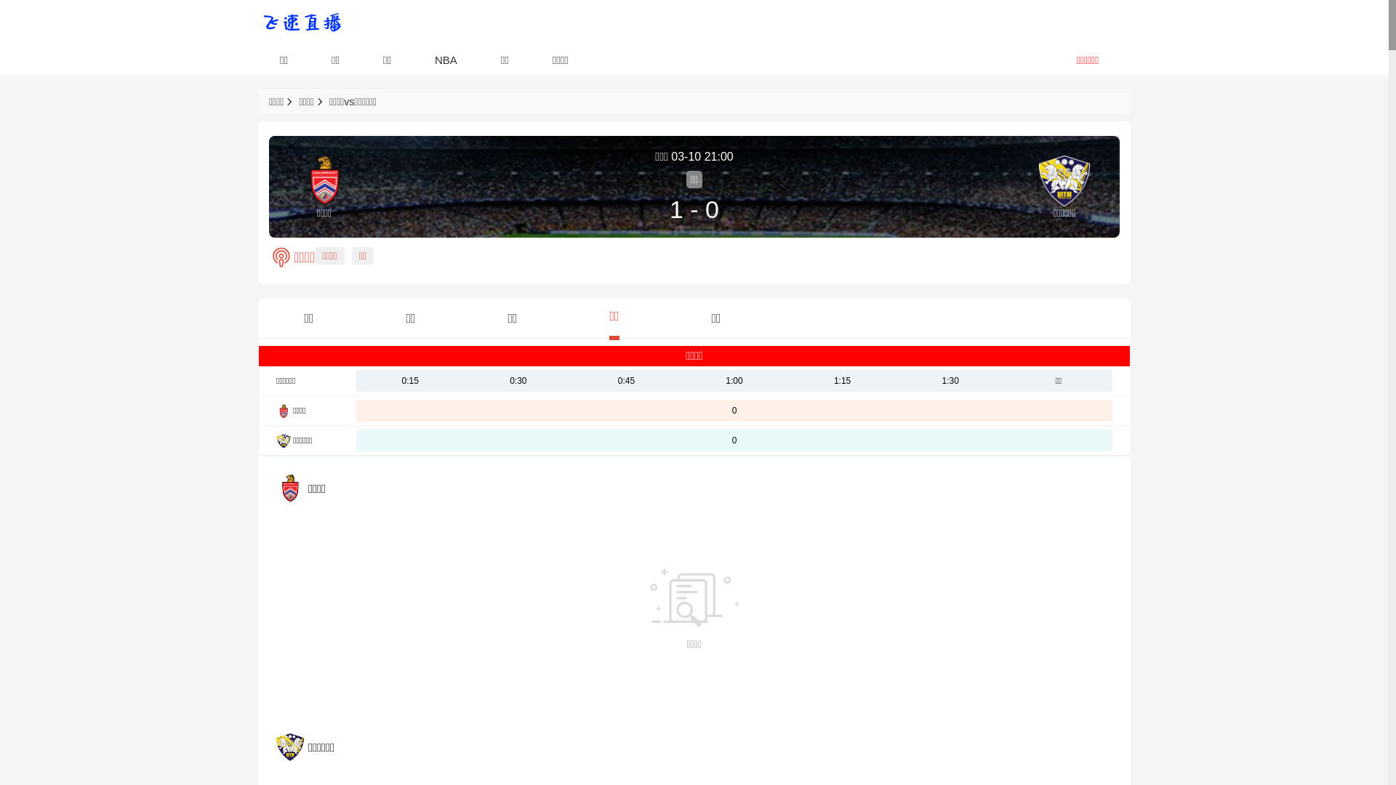  Describe the element at coordinates (445, 59) in the screenshot. I see `'NBA'` at that location.